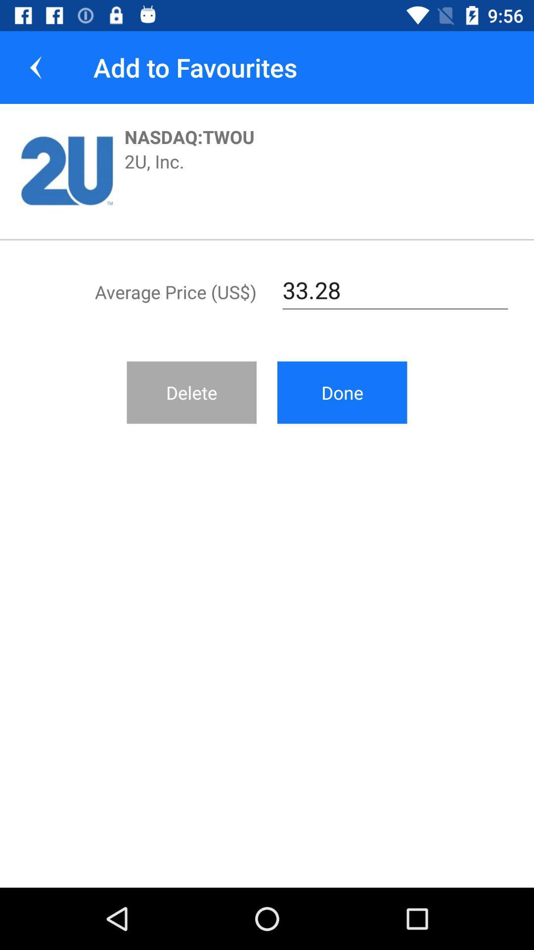 The width and height of the screenshot is (534, 950). What do you see at coordinates (191, 392) in the screenshot?
I see `delete` at bounding box center [191, 392].